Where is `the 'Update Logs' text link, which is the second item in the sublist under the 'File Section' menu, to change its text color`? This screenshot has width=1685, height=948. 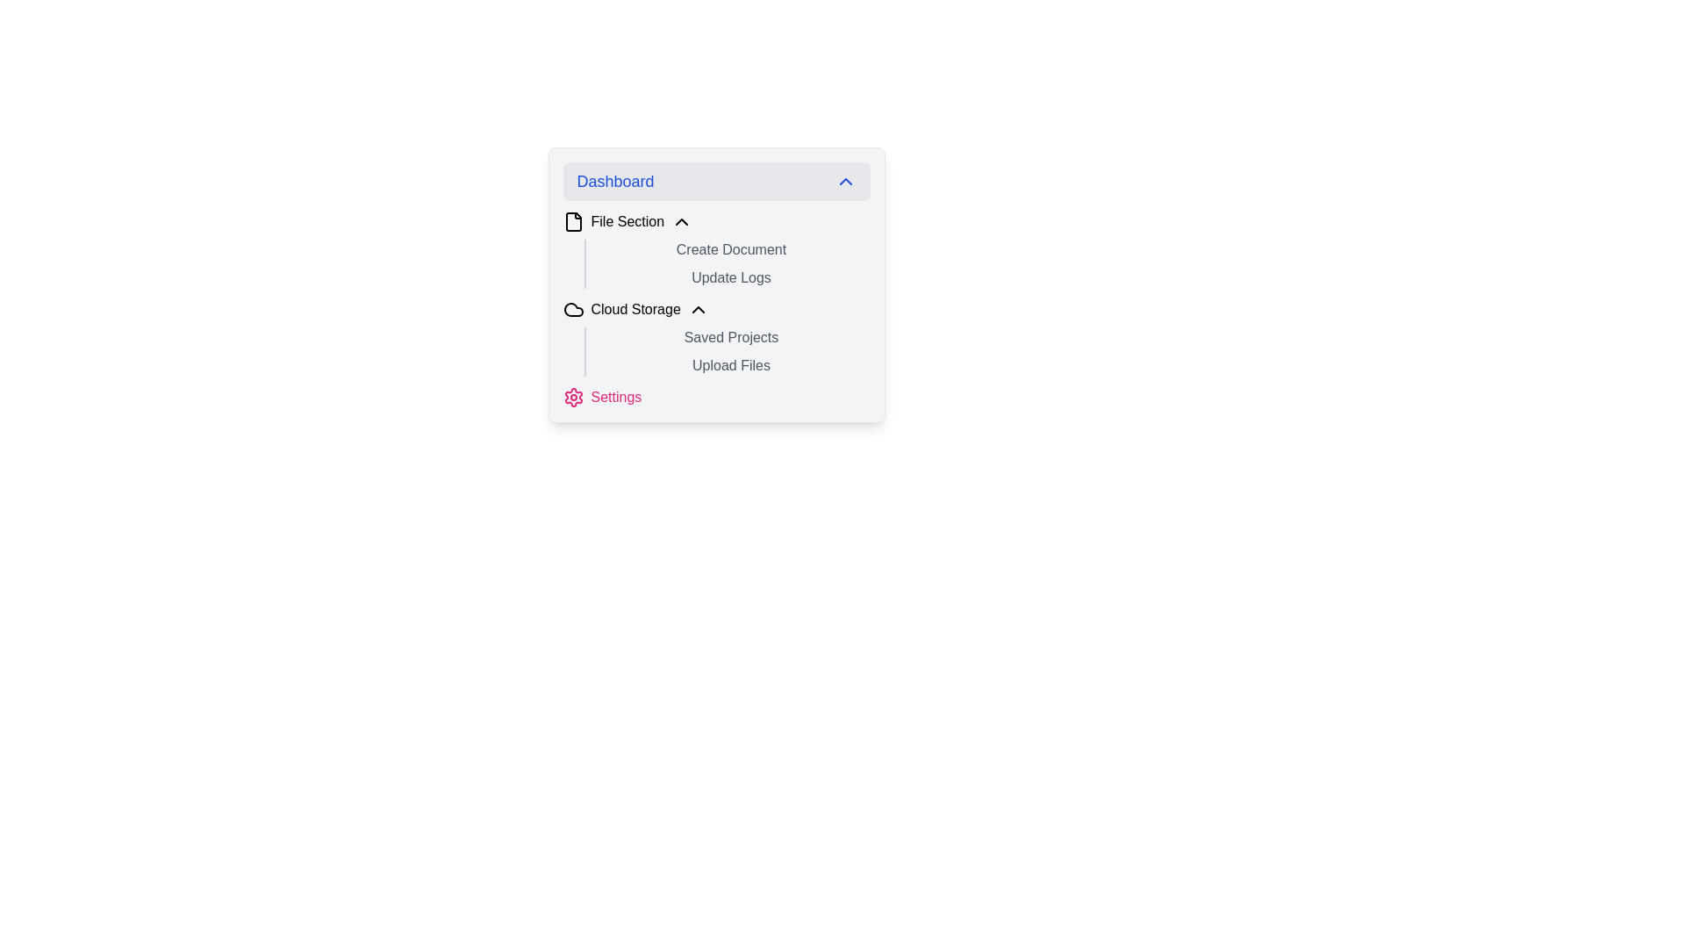 the 'Update Logs' text link, which is the second item in the sublist under the 'File Section' menu, to change its text color is located at coordinates (716, 284).